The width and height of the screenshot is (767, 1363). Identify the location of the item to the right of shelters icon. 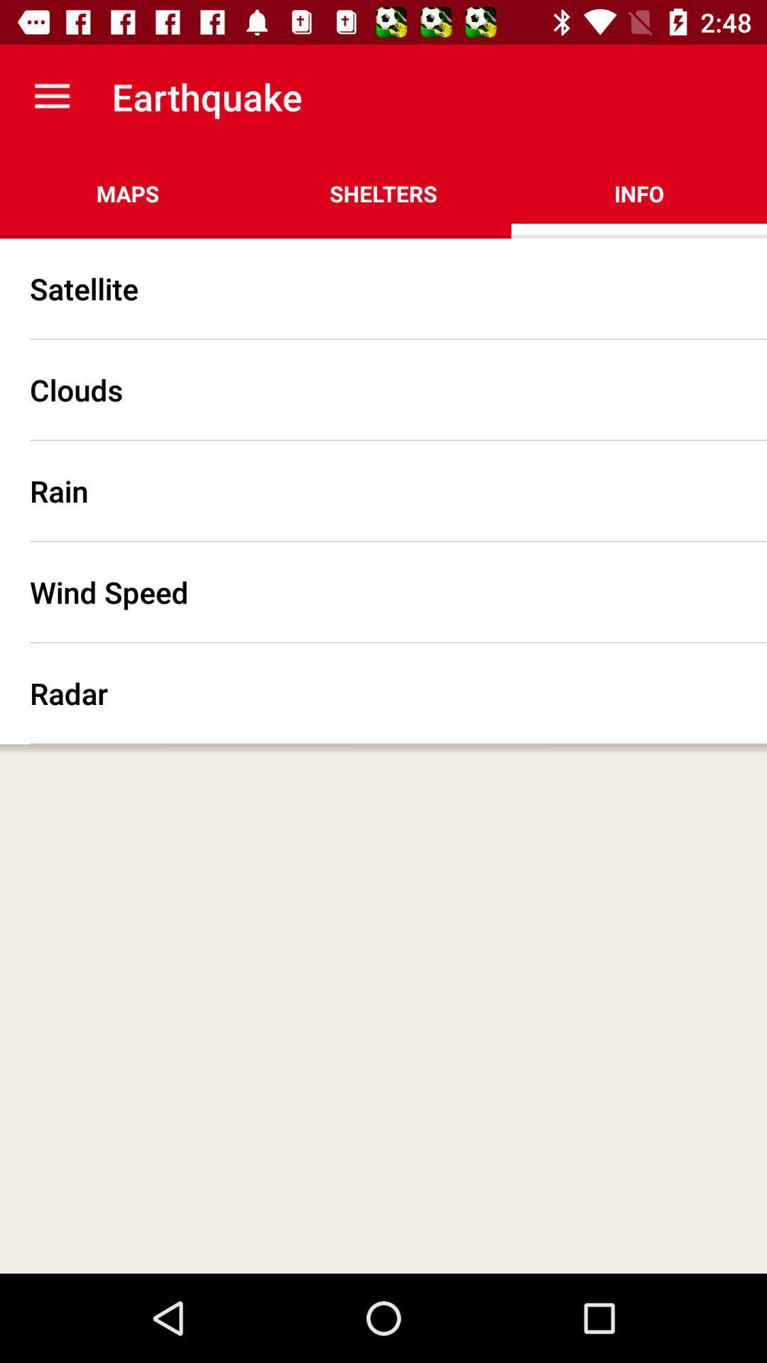
(638, 193).